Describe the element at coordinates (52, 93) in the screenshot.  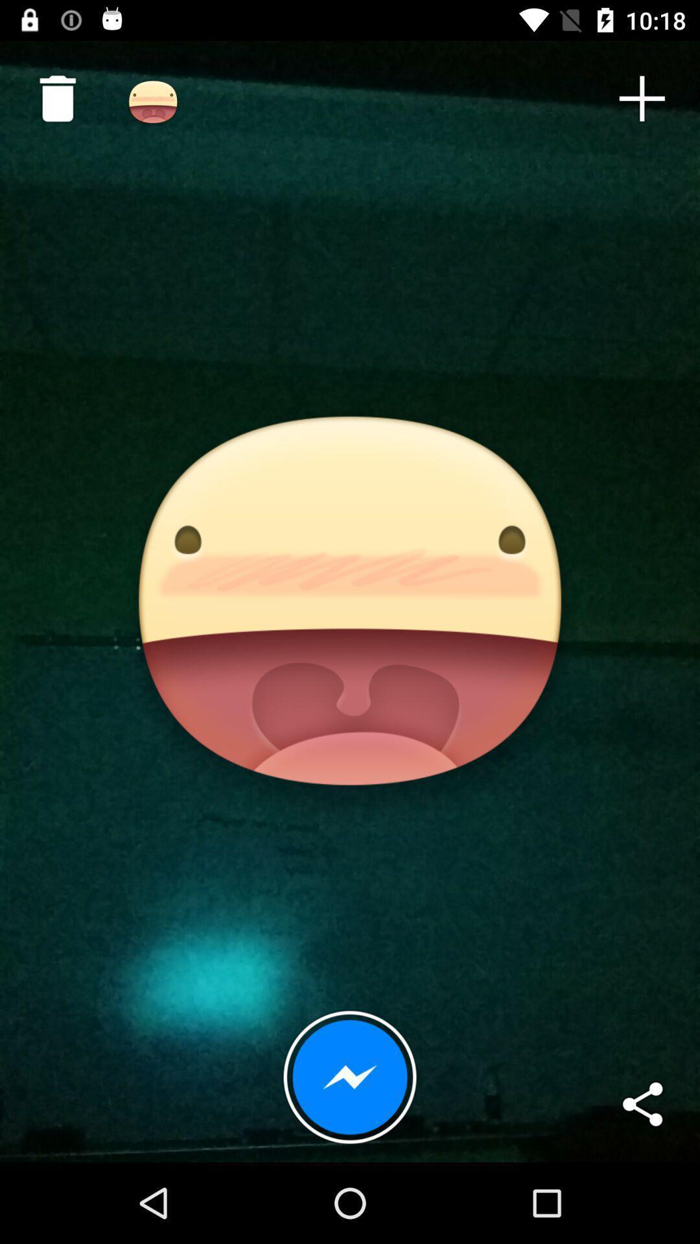
I see `the delete icon` at that location.